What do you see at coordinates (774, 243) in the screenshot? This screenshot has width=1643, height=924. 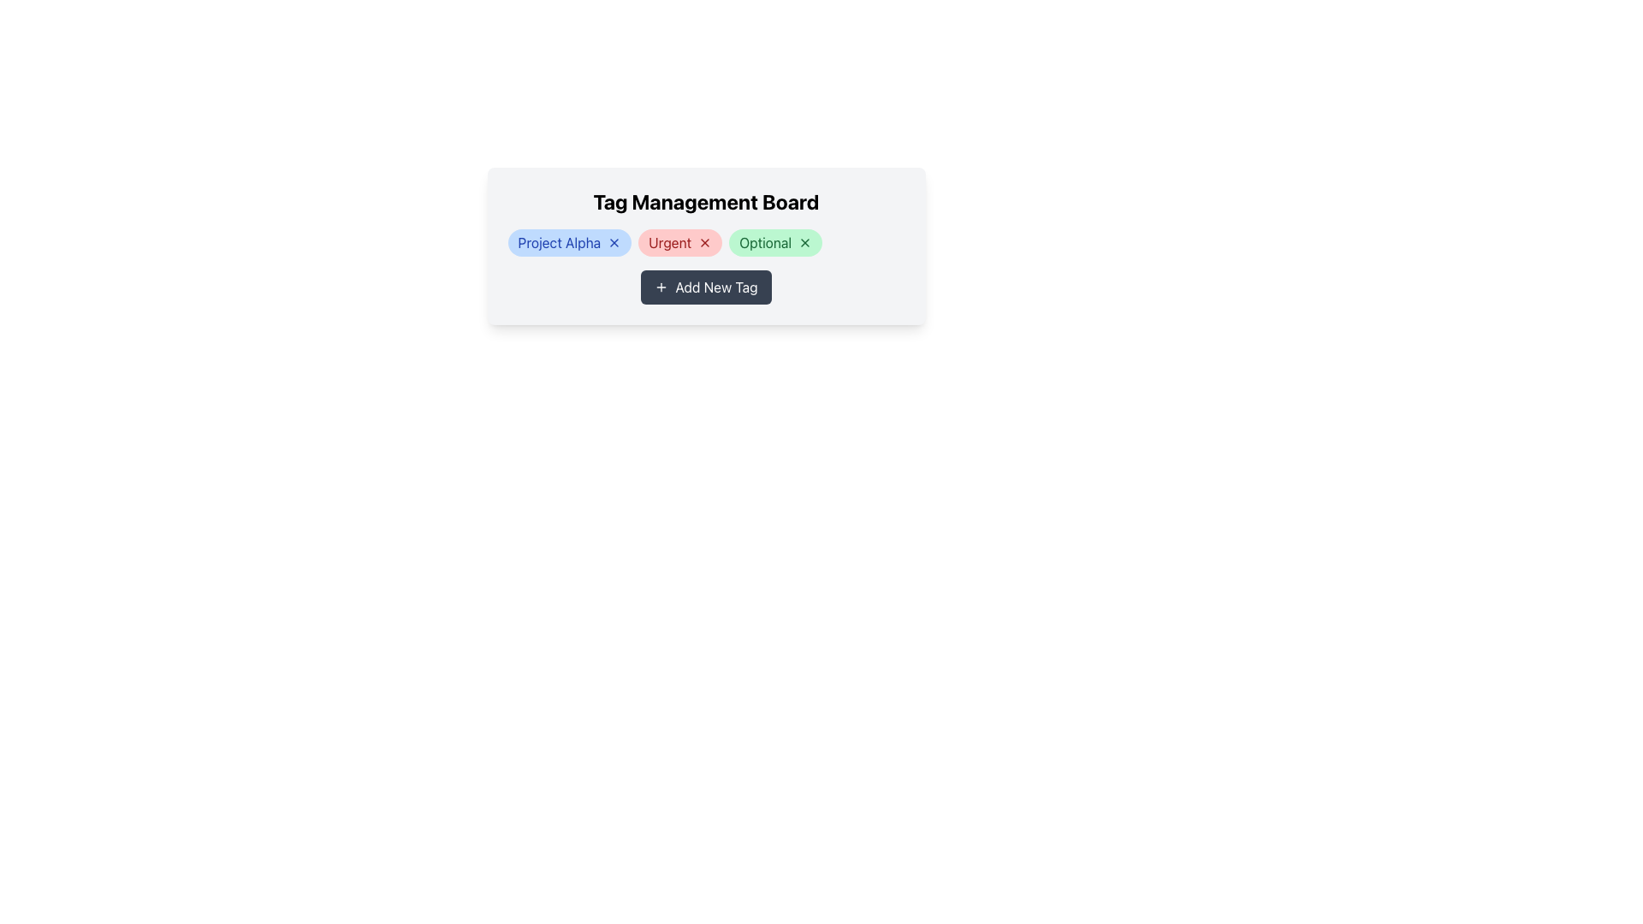 I see `label 'Optional' from the dismissible tag component, which is a green pill-shaped tag with a close button, located below the 'Tag Management Board' heading` at bounding box center [774, 243].